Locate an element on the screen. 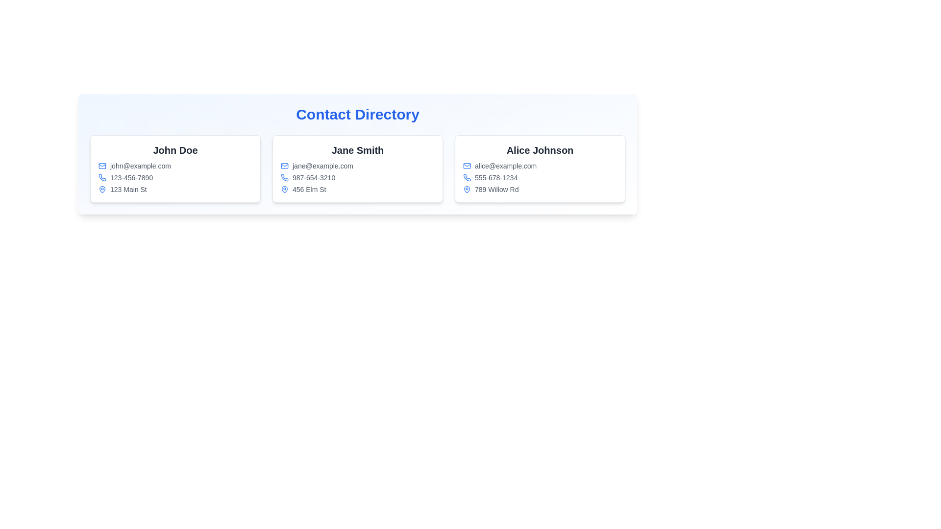 The image size is (941, 529). the phone contact icon located to the left of the phone number in the contact details of 'Jane Smith' within the middle contact card is located at coordinates (284, 177).